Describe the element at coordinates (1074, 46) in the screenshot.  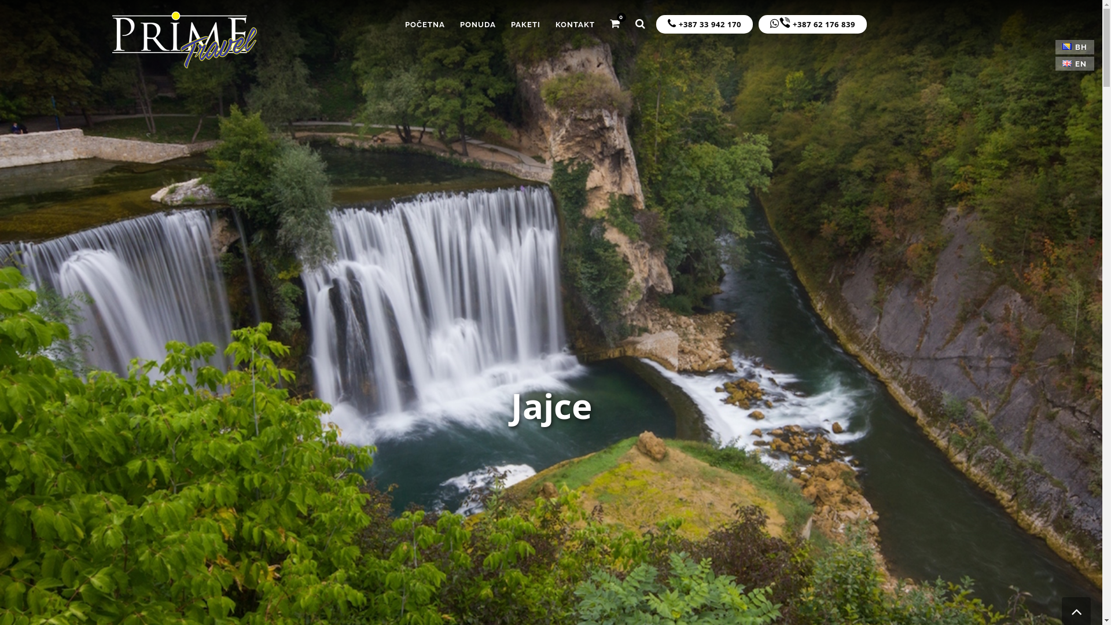
I see `'BH'` at that location.